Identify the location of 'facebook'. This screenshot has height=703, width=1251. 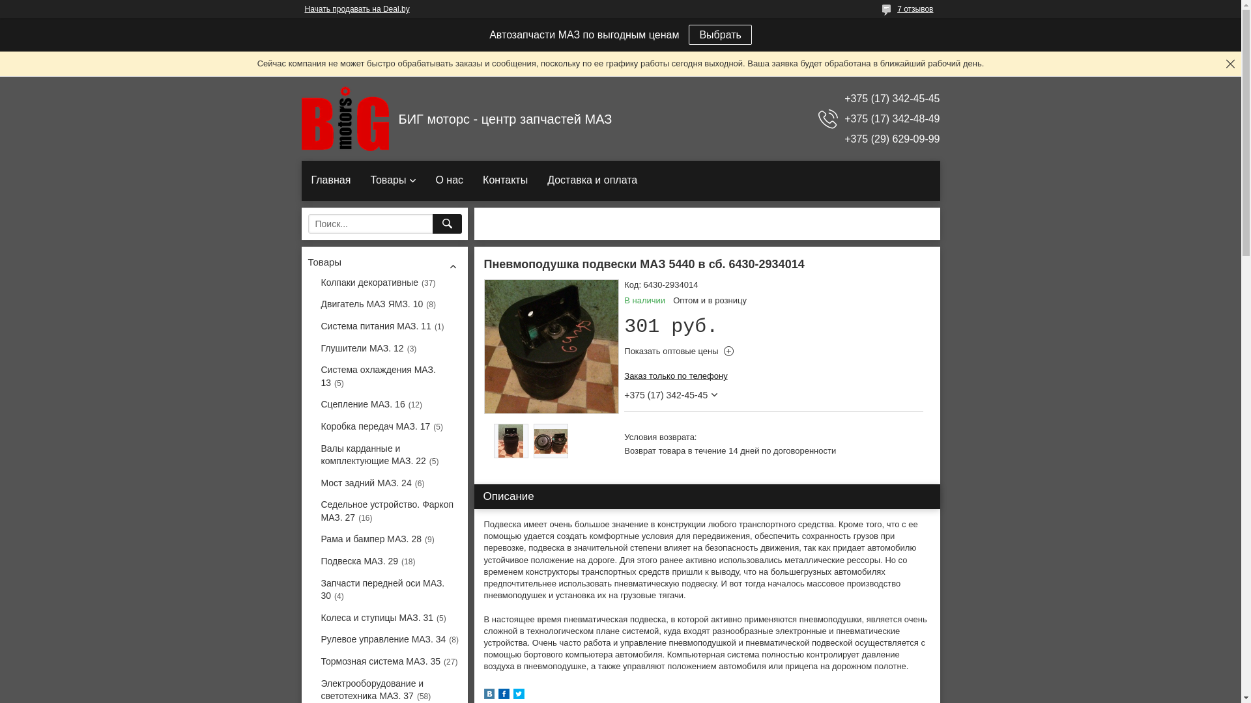
(502, 695).